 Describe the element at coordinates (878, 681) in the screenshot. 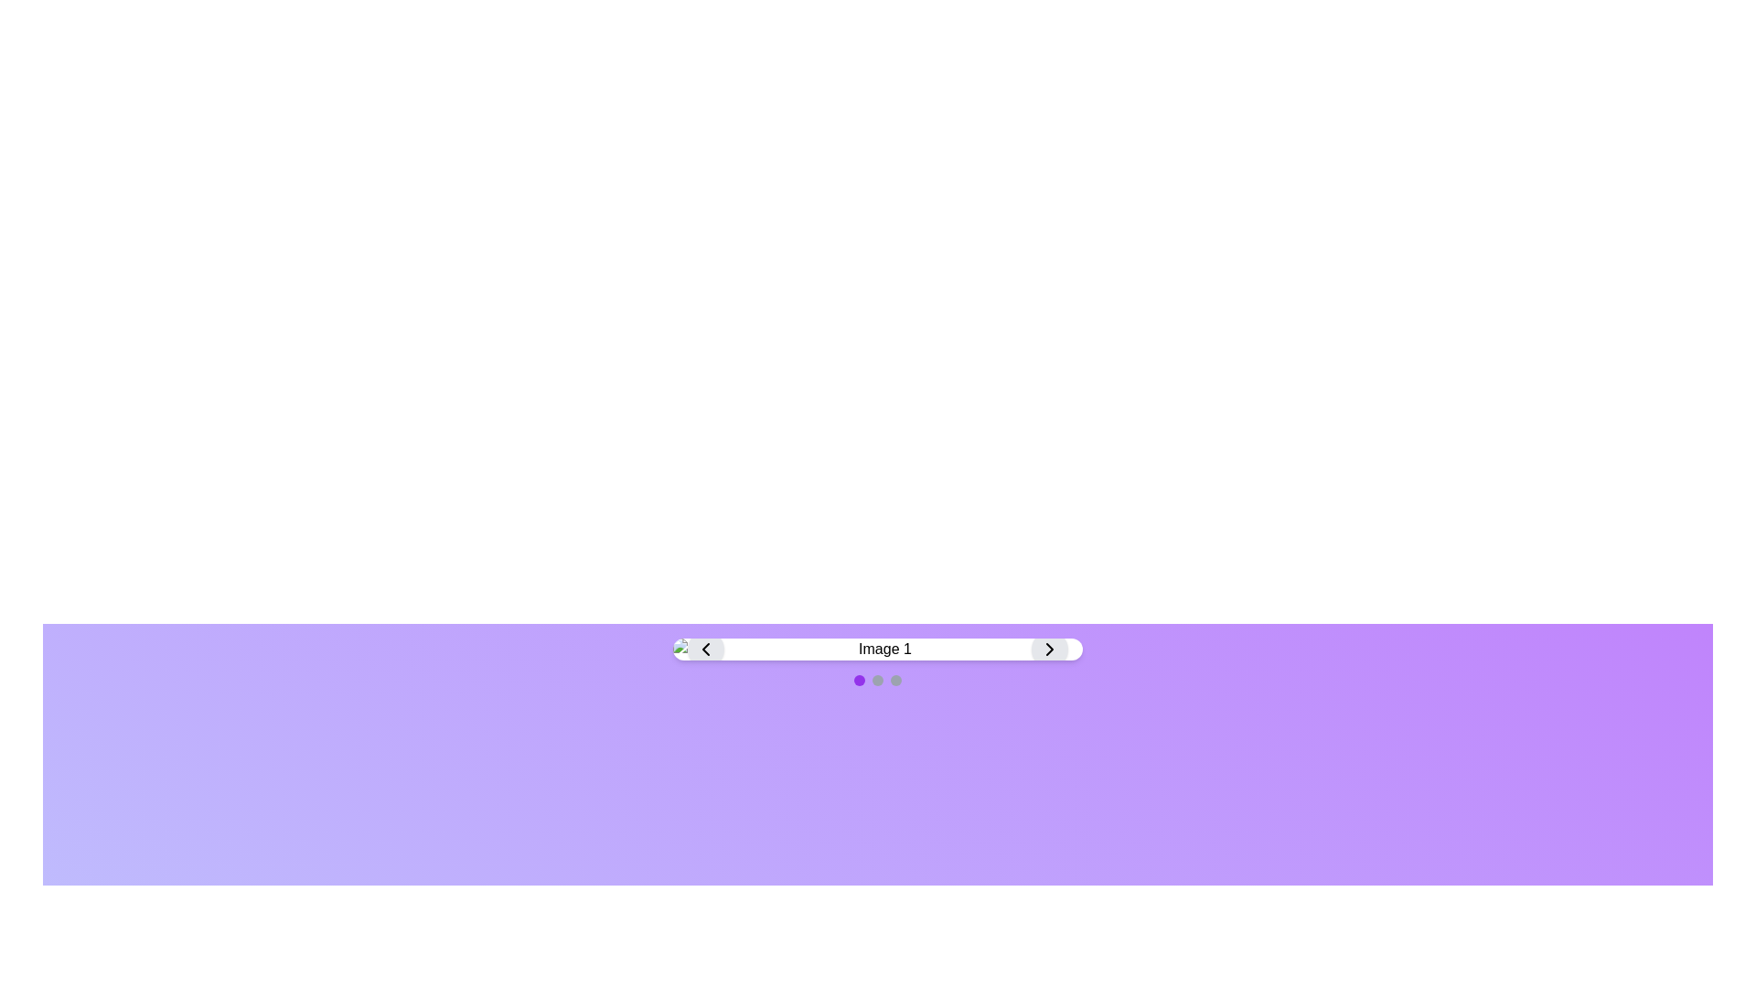

I see `the second circular button with a gray background in a row of three` at that location.